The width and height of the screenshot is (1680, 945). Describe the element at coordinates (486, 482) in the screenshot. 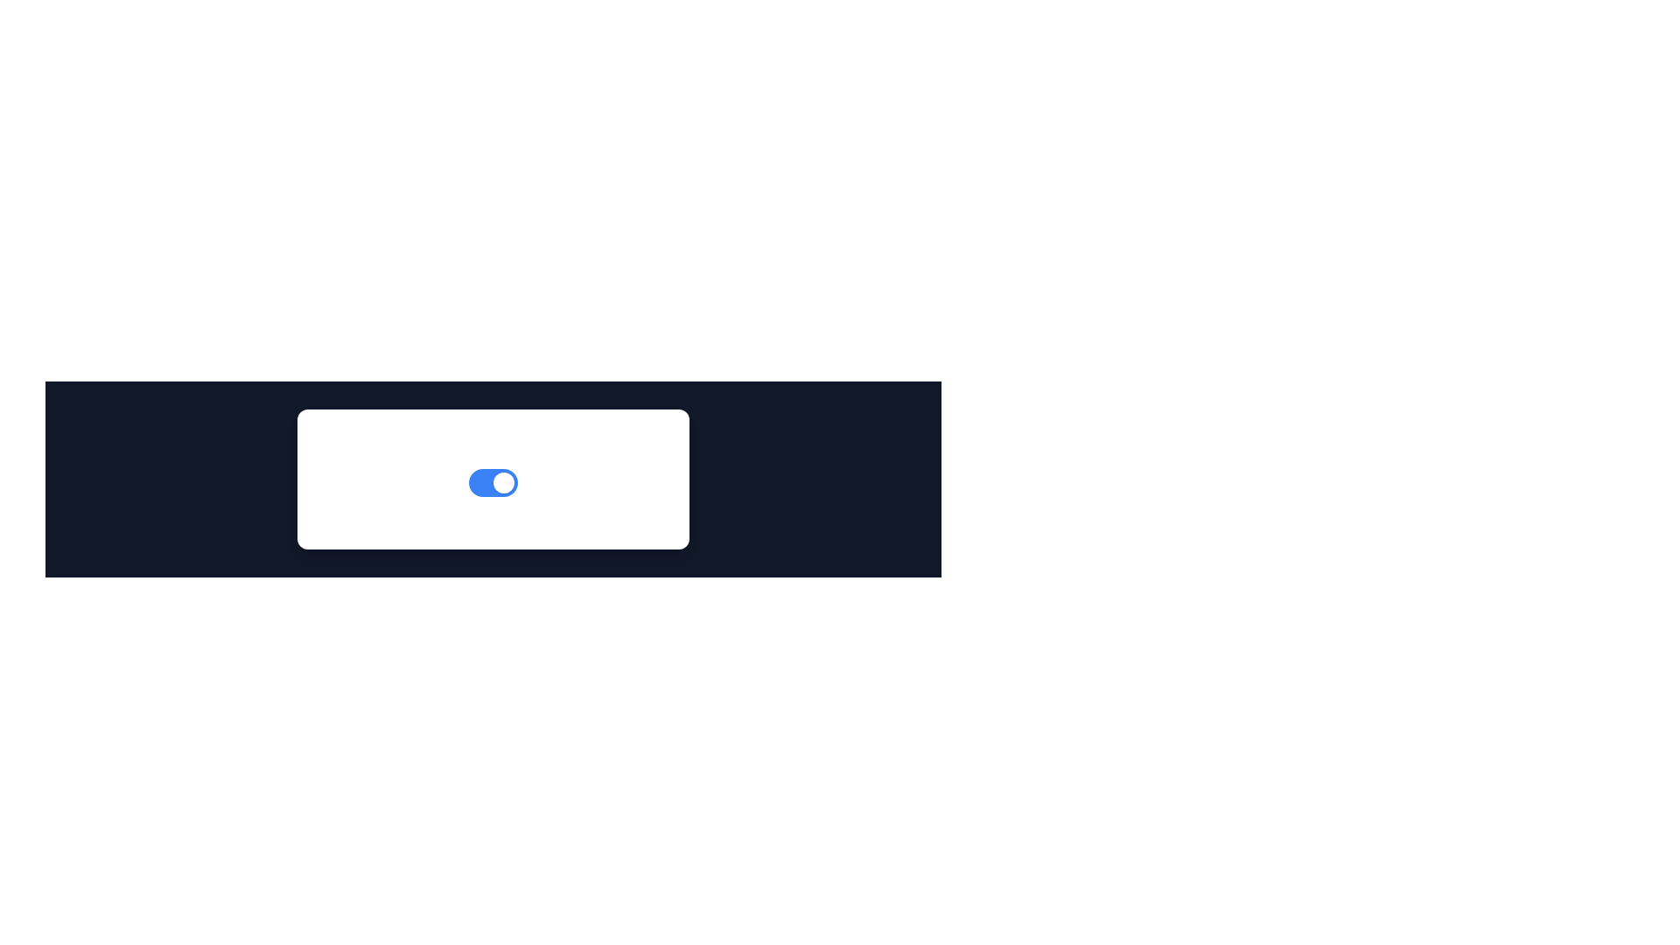

I see `the toggle switch position` at that location.